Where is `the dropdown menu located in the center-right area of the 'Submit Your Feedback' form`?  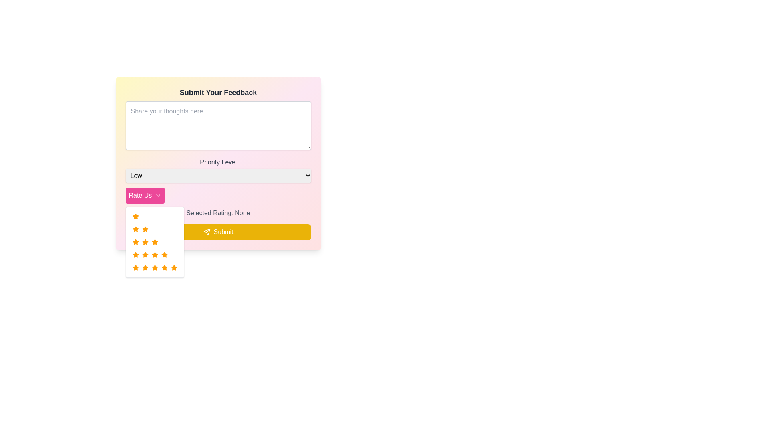 the dropdown menu located in the center-right area of the 'Submit Your Feedback' form is located at coordinates (218, 170).